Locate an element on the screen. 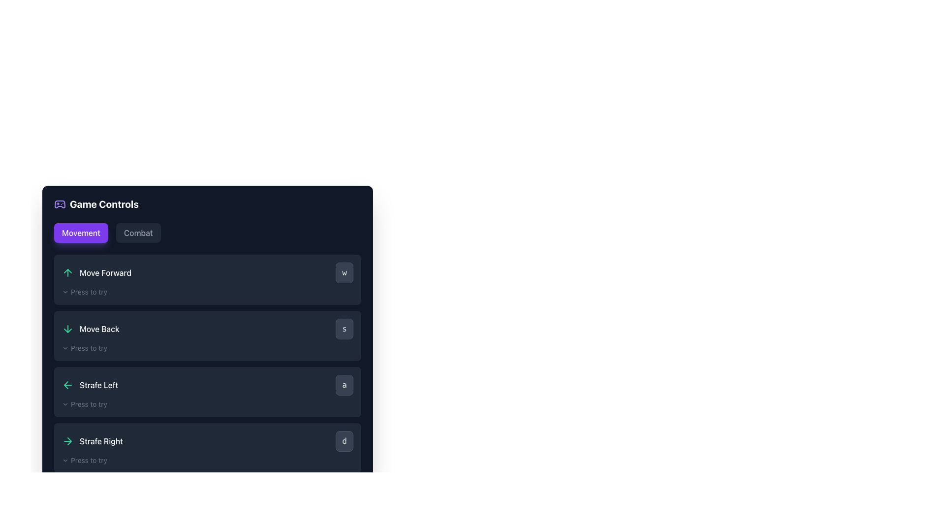 The image size is (945, 532). the 'Combat' button, which is a rectangular button with light gray text on a dark gray background, located to the right of the 'Movement' button under the 'Game Controls' title is located at coordinates (138, 233).